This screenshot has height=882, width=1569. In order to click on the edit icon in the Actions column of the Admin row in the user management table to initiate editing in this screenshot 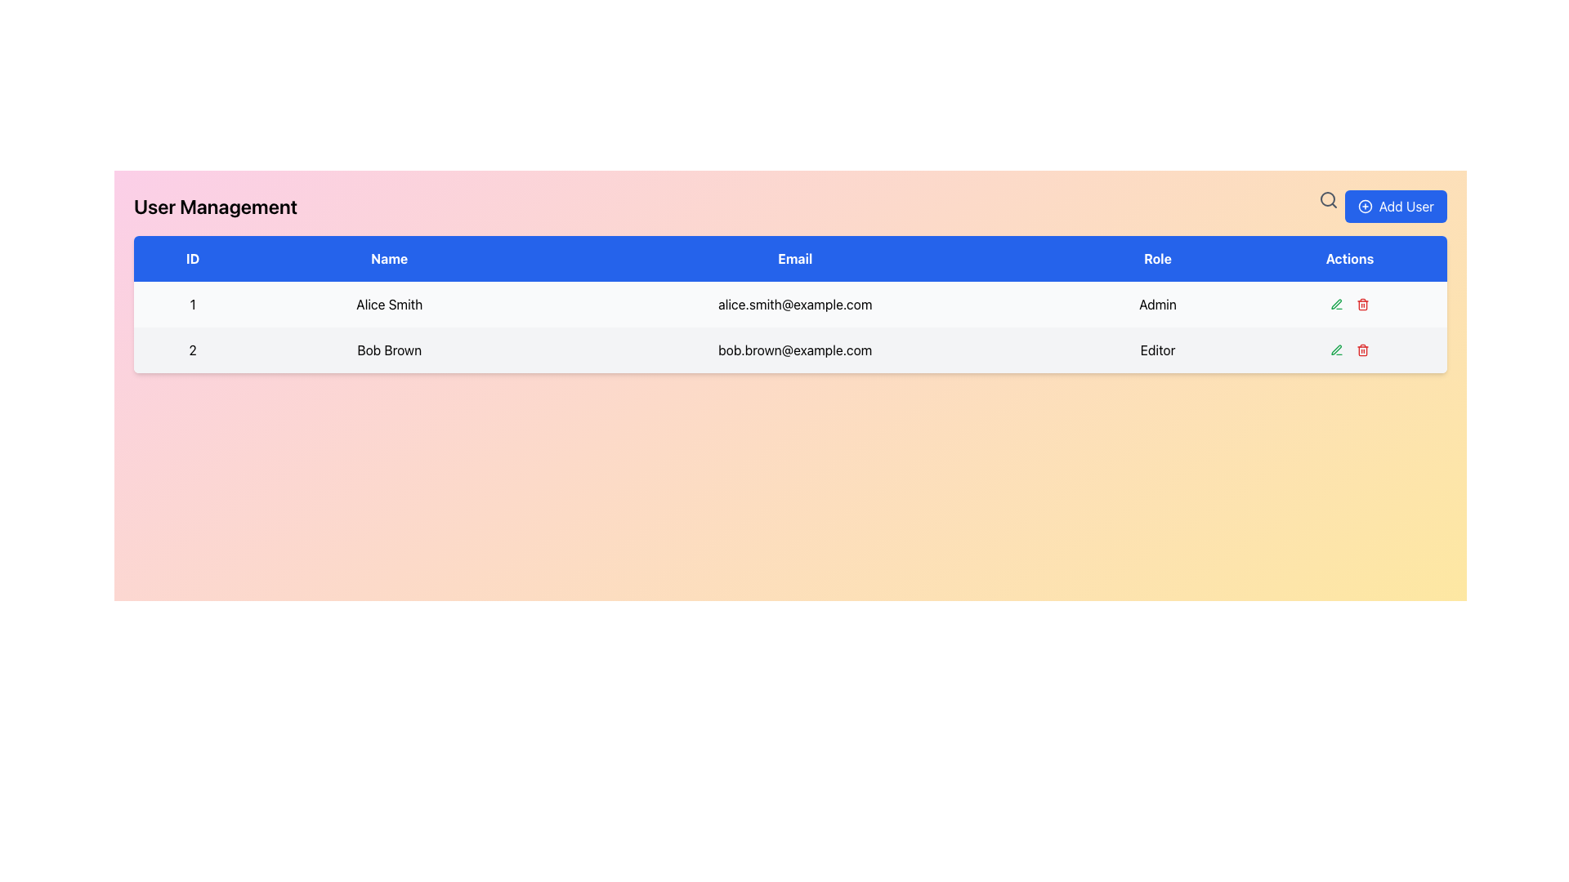, I will do `click(1349, 305)`.